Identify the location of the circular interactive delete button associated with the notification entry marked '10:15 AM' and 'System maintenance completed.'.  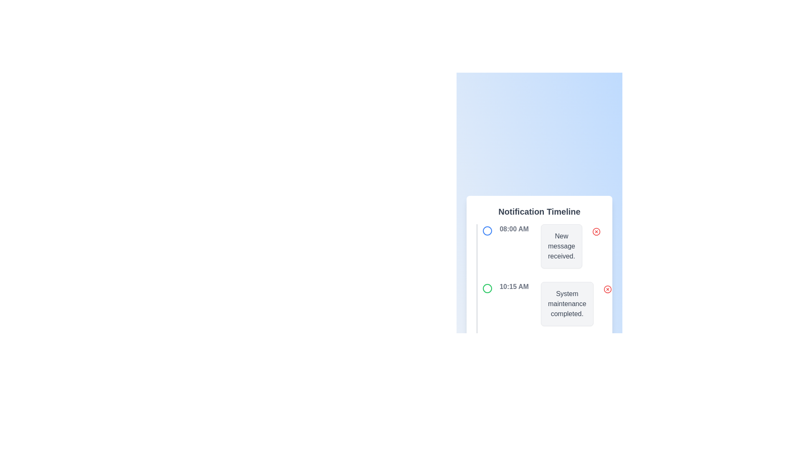
(607, 289).